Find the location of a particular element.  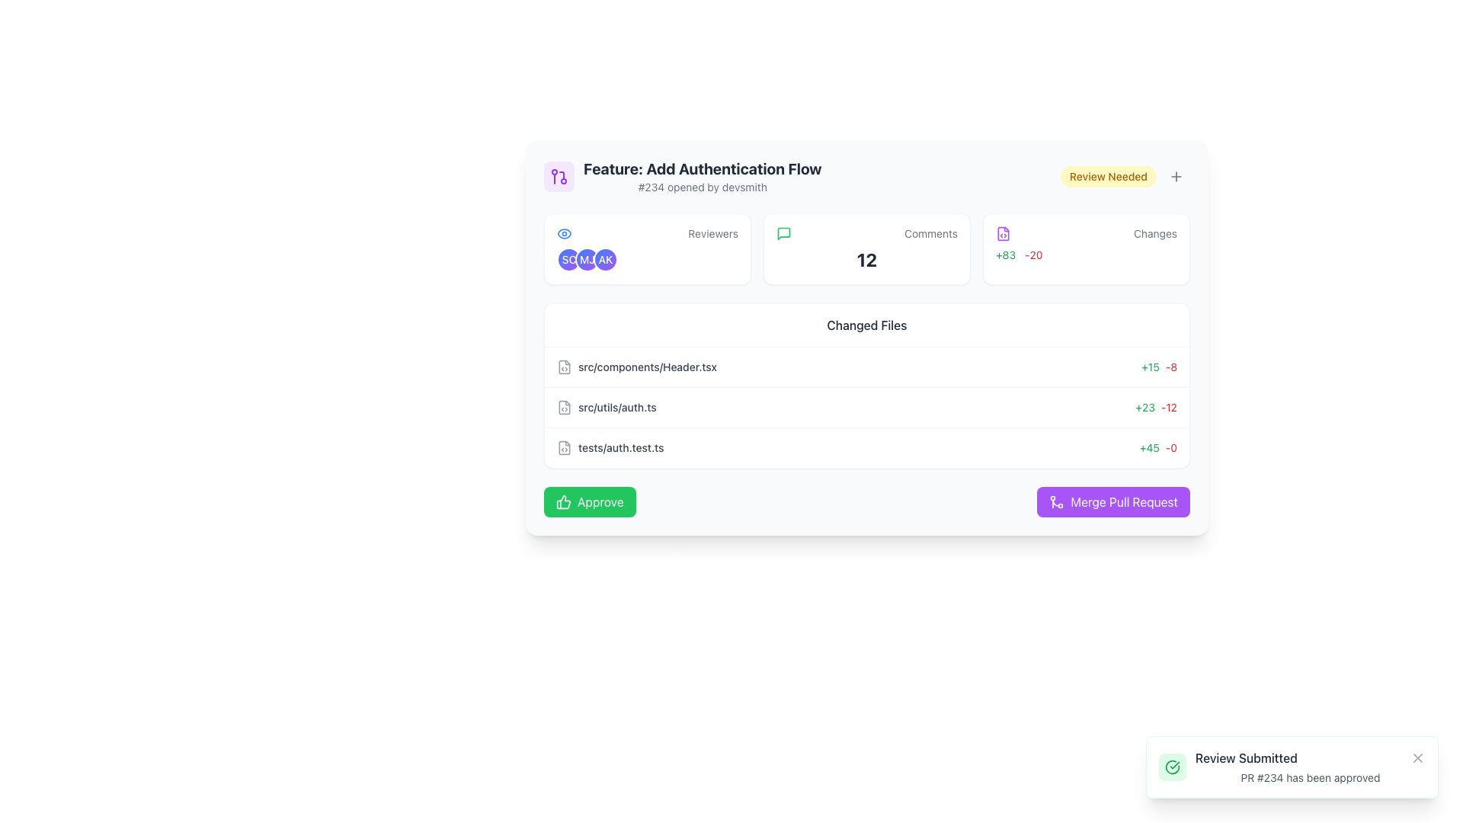

the code file icon in the 'Changed Files' section, specifically the first item on the left in the 'tests/auth.test.ts' row is located at coordinates (563, 447).